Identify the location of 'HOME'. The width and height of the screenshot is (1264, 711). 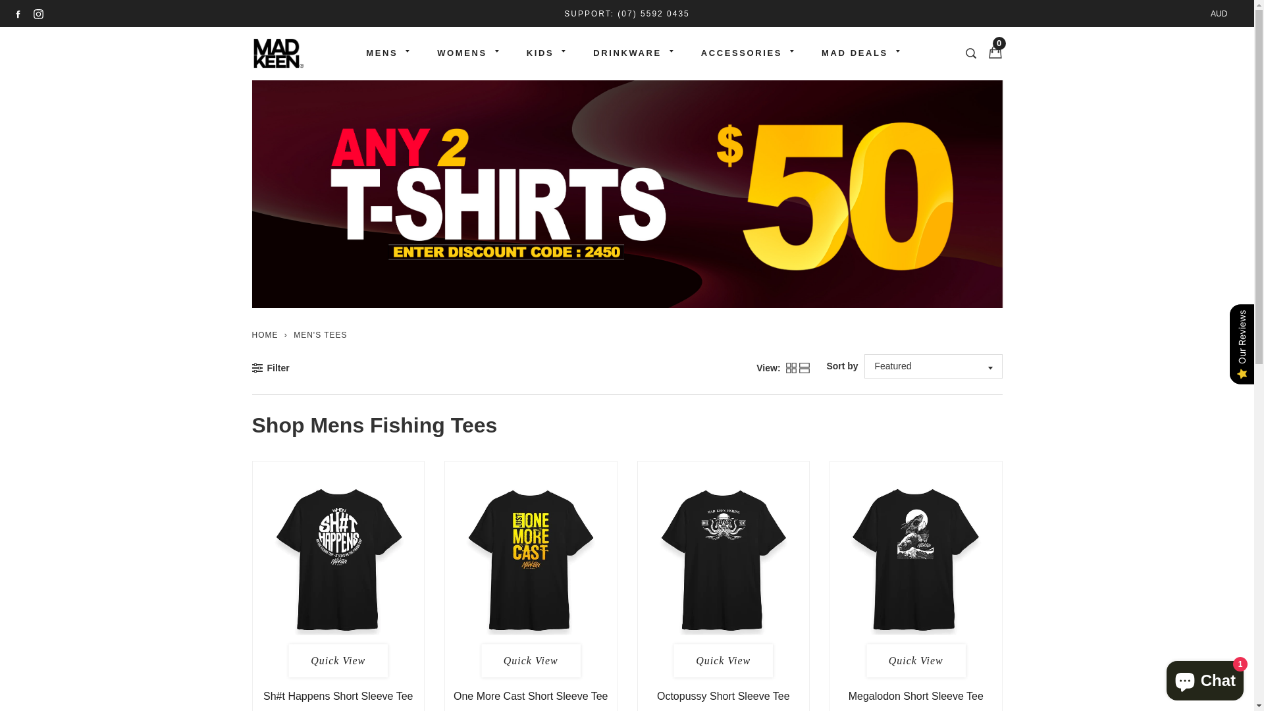
(251, 334).